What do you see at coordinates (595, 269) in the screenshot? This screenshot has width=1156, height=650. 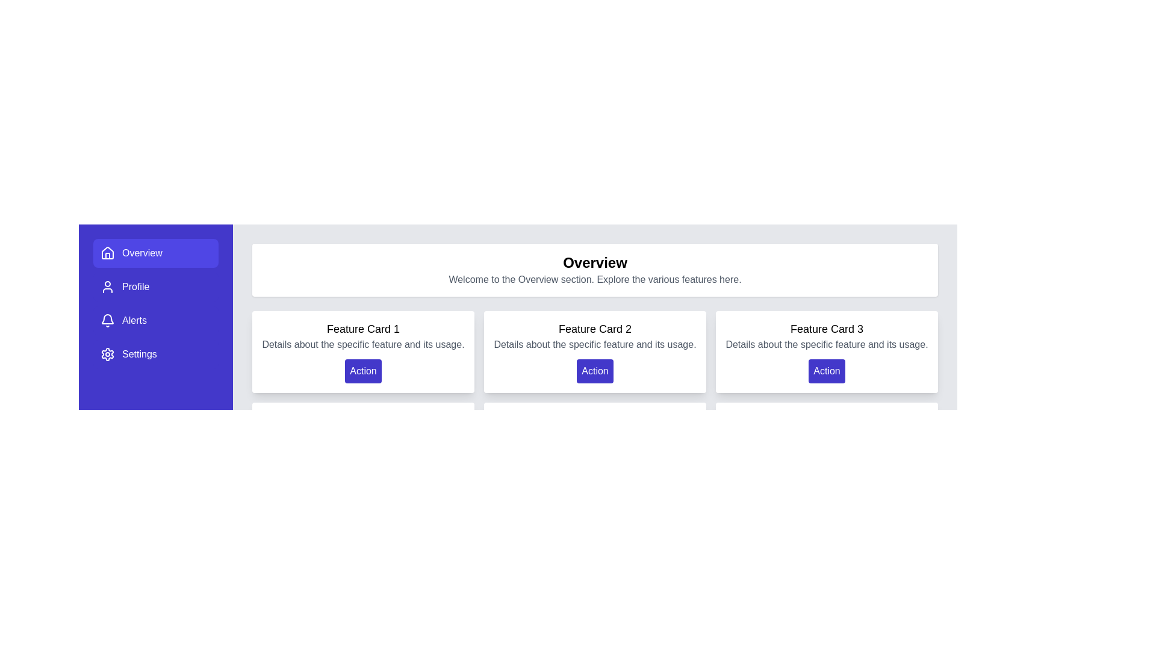 I see `the 'Overview' section, which is a white rectangular area with rounded corners containing a bold title and a description paragraph, centrally located above the feature cards` at bounding box center [595, 269].